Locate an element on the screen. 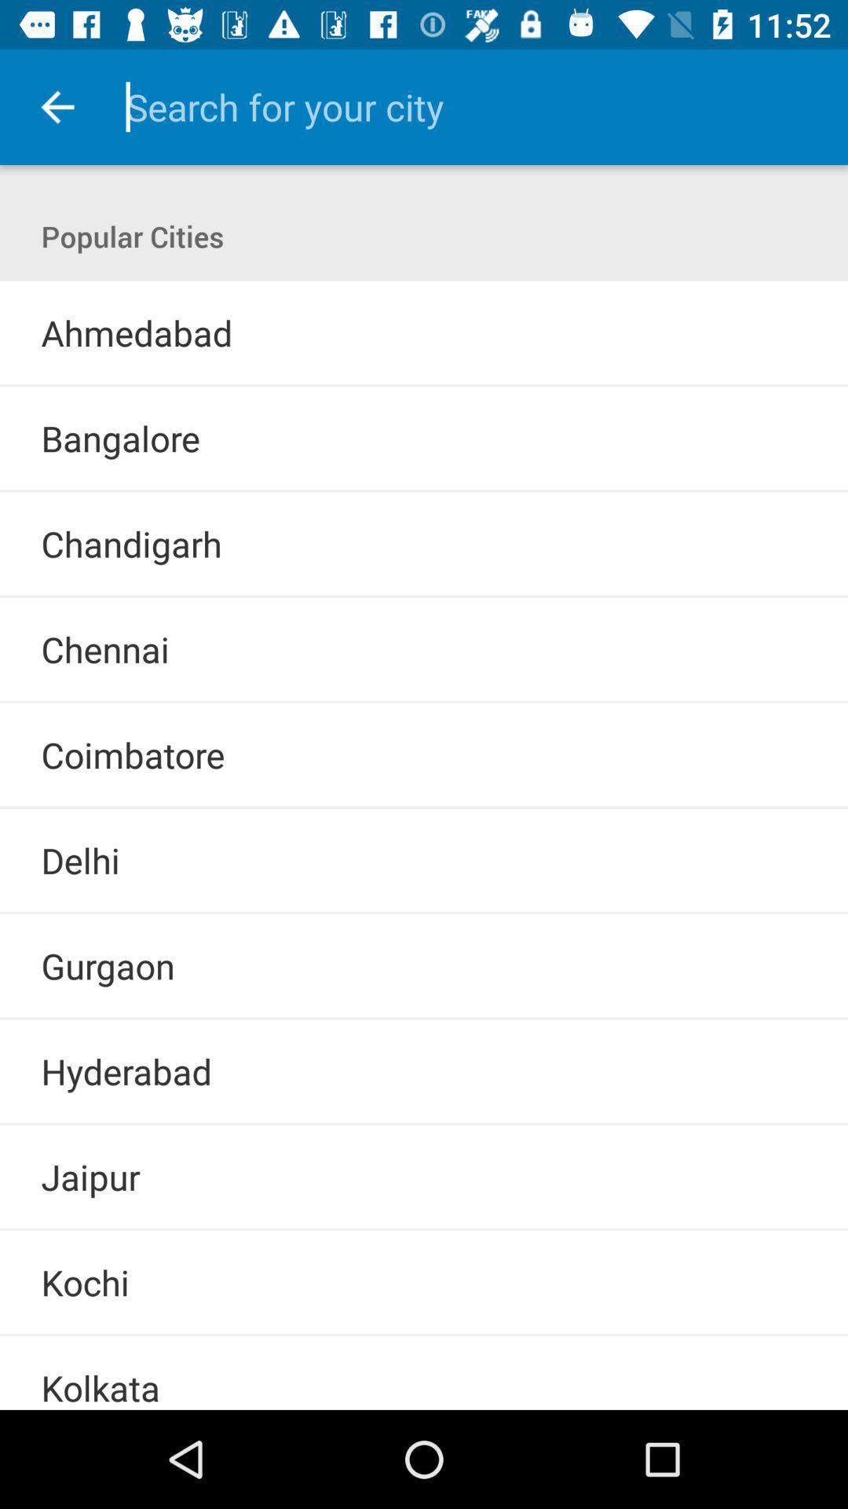 The image size is (848, 1509). the ahmedabad item is located at coordinates (136, 332).